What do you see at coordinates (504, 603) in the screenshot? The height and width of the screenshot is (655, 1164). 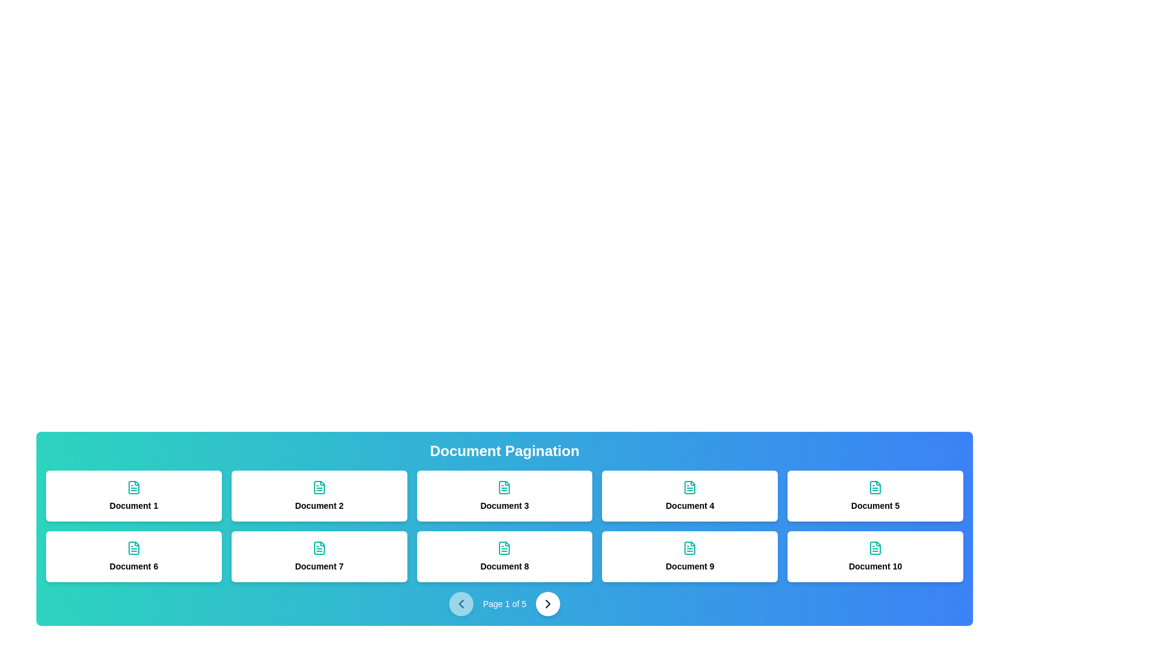 I see `the static informational text displaying 'Page 1 of 5' in the pagination footer to read its content` at bounding box center [504, 603].